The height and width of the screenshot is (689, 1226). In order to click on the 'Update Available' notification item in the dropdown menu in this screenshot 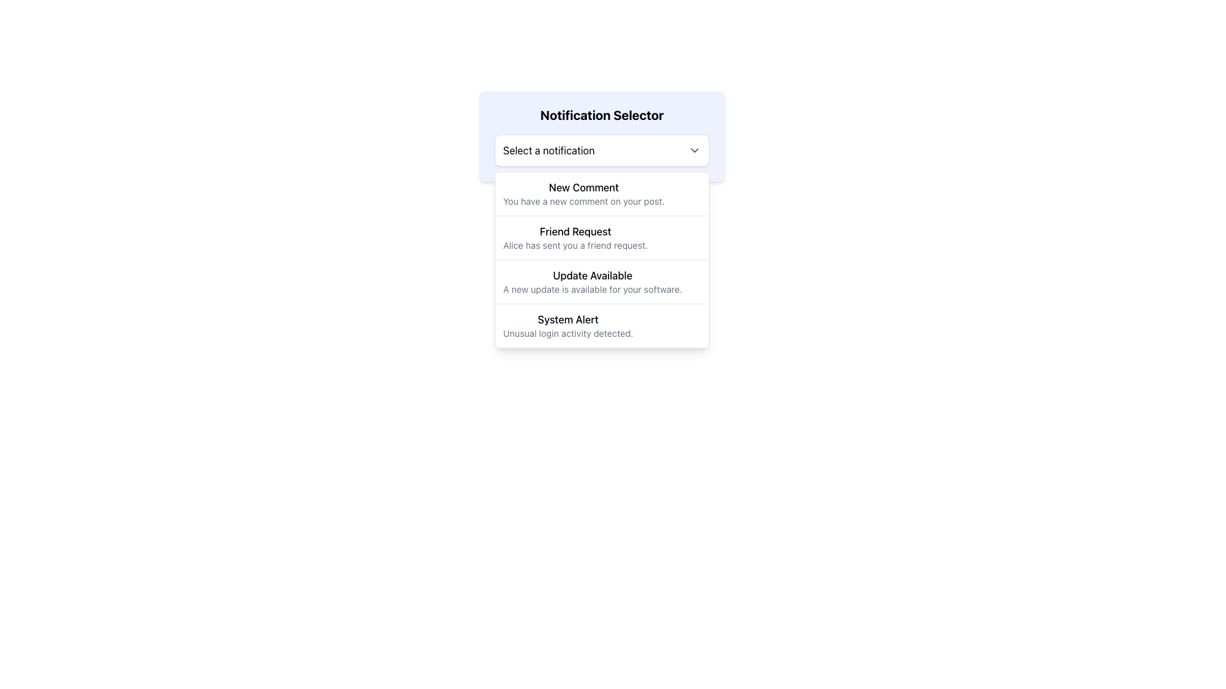, I will do `click(591, 281)`.